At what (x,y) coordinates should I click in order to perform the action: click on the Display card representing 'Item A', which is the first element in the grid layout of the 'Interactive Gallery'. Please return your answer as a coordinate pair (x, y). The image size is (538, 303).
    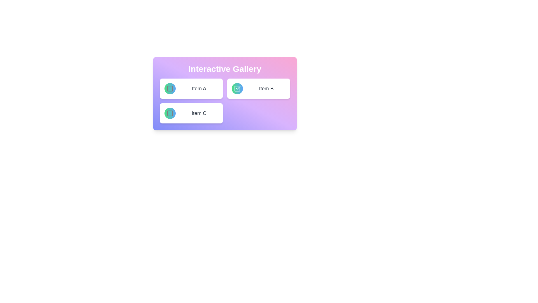
    Looking at the image, I should click on (191, 88).